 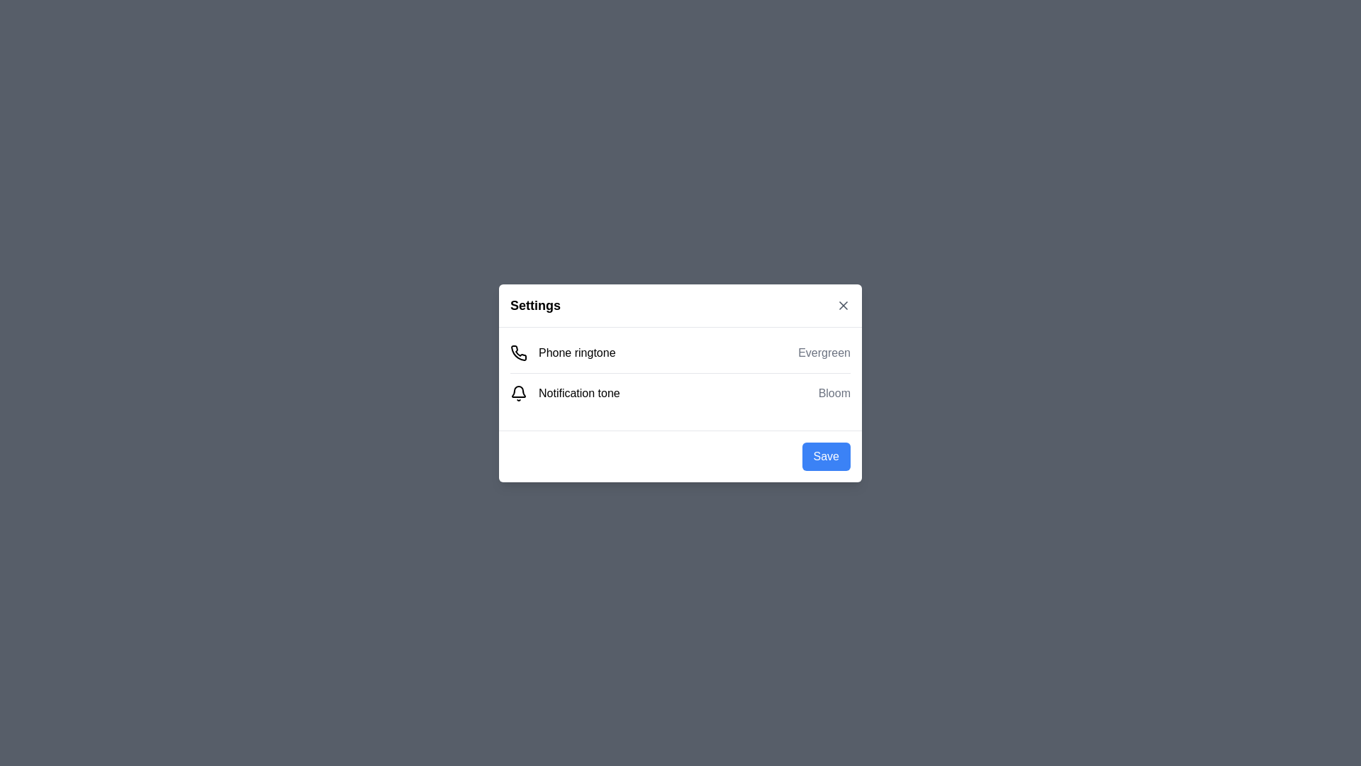 What do you see at coordinates (517, 391) in the screenshot?
I see `lower segment of the bell icon that is part of the notification tone row in the dialog box, which is represented as a geometric shape with black strokes and no fill` at bounding box center [517, 391].